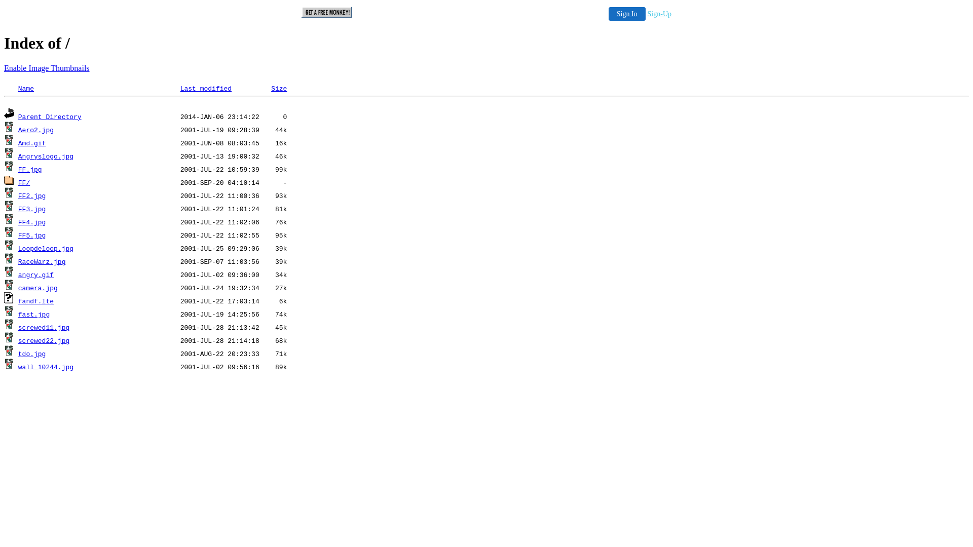 Image resolution: width=973 pixels, height=547 pixels. Describe the element at coordinates (32, 236) in the screenshot. I see `'FF5.jpg'` at that location.